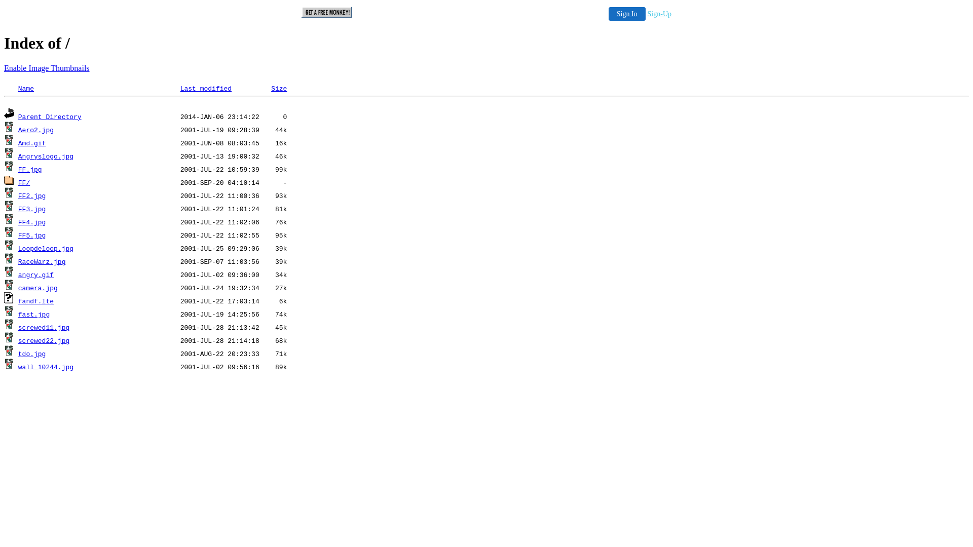 Image resolution: width=973 pixels, height=547 pixels. Describe the element at coordinates (32, 236) in the screenshot. I see `'FF5.jpg'` at that location.